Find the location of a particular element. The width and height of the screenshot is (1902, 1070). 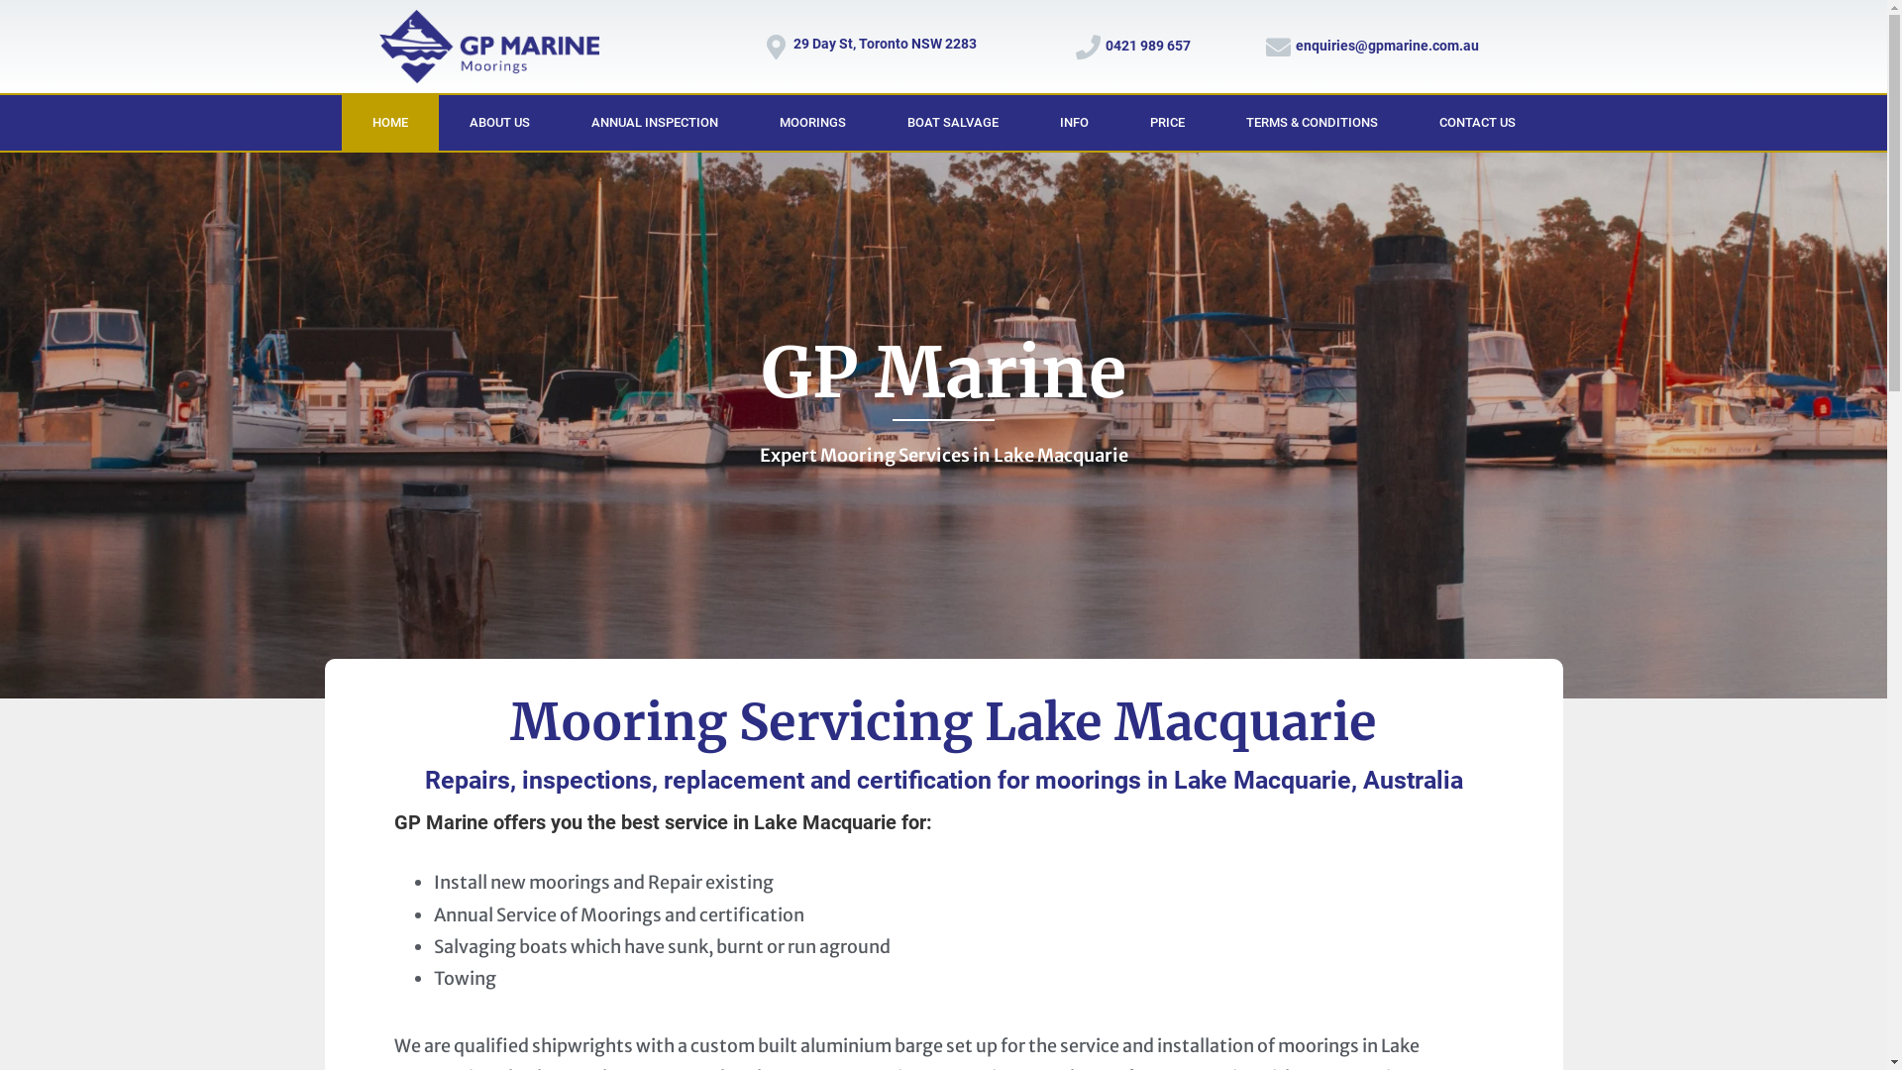

'MOORINGS' is located at coordinates (812, 122).